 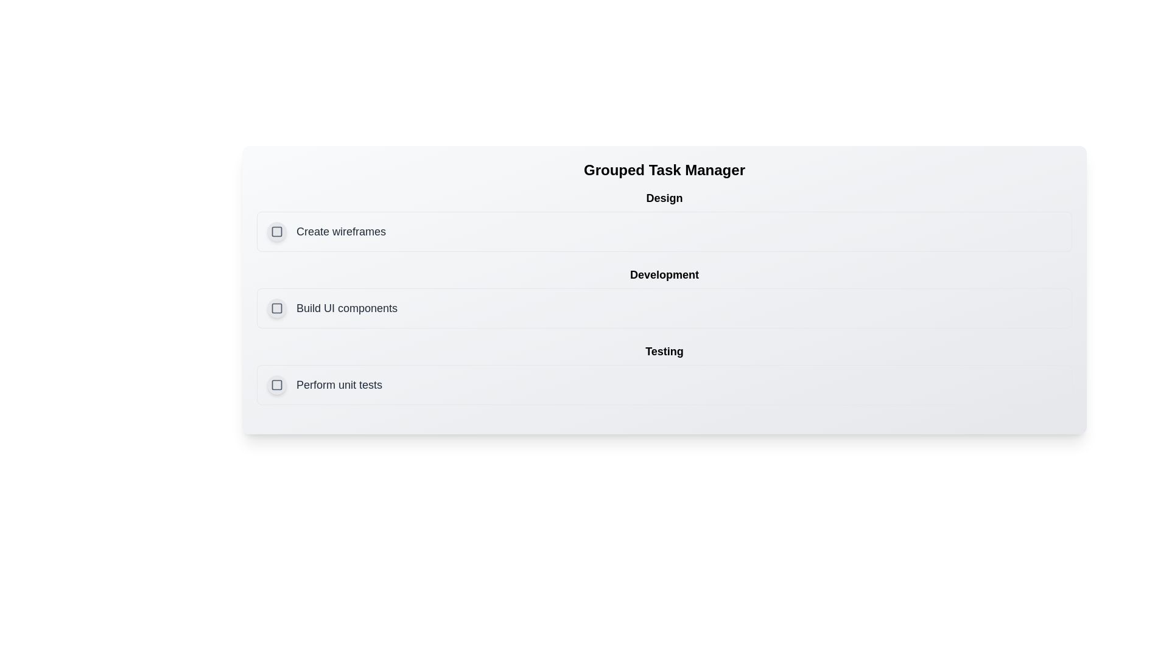 What do you see at coordinates (276, 307) in the screenshot?
I see `the small, circular button with a light gray background and a dark gray square icon` at bounding box center [276, 307].